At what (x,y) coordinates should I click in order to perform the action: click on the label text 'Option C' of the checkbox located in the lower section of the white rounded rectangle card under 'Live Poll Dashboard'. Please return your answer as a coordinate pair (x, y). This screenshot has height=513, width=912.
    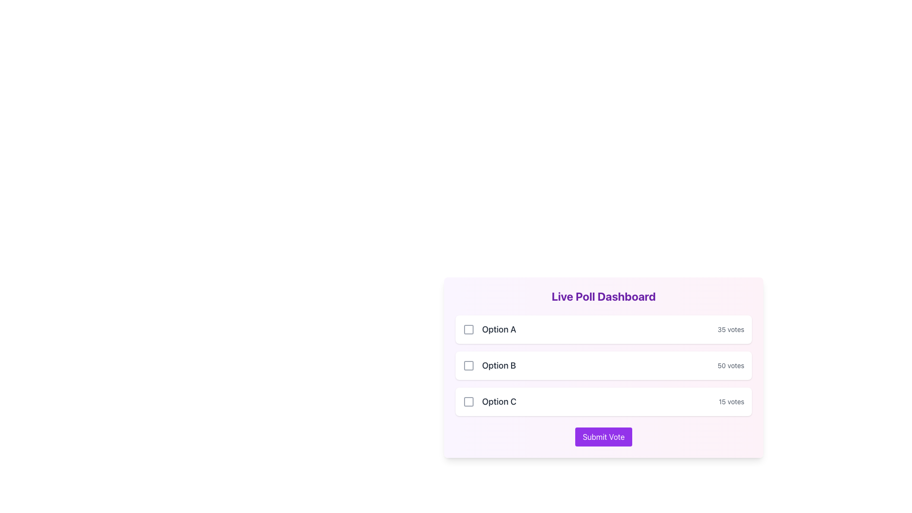
    Looking at the image, I should click on (490, 401).